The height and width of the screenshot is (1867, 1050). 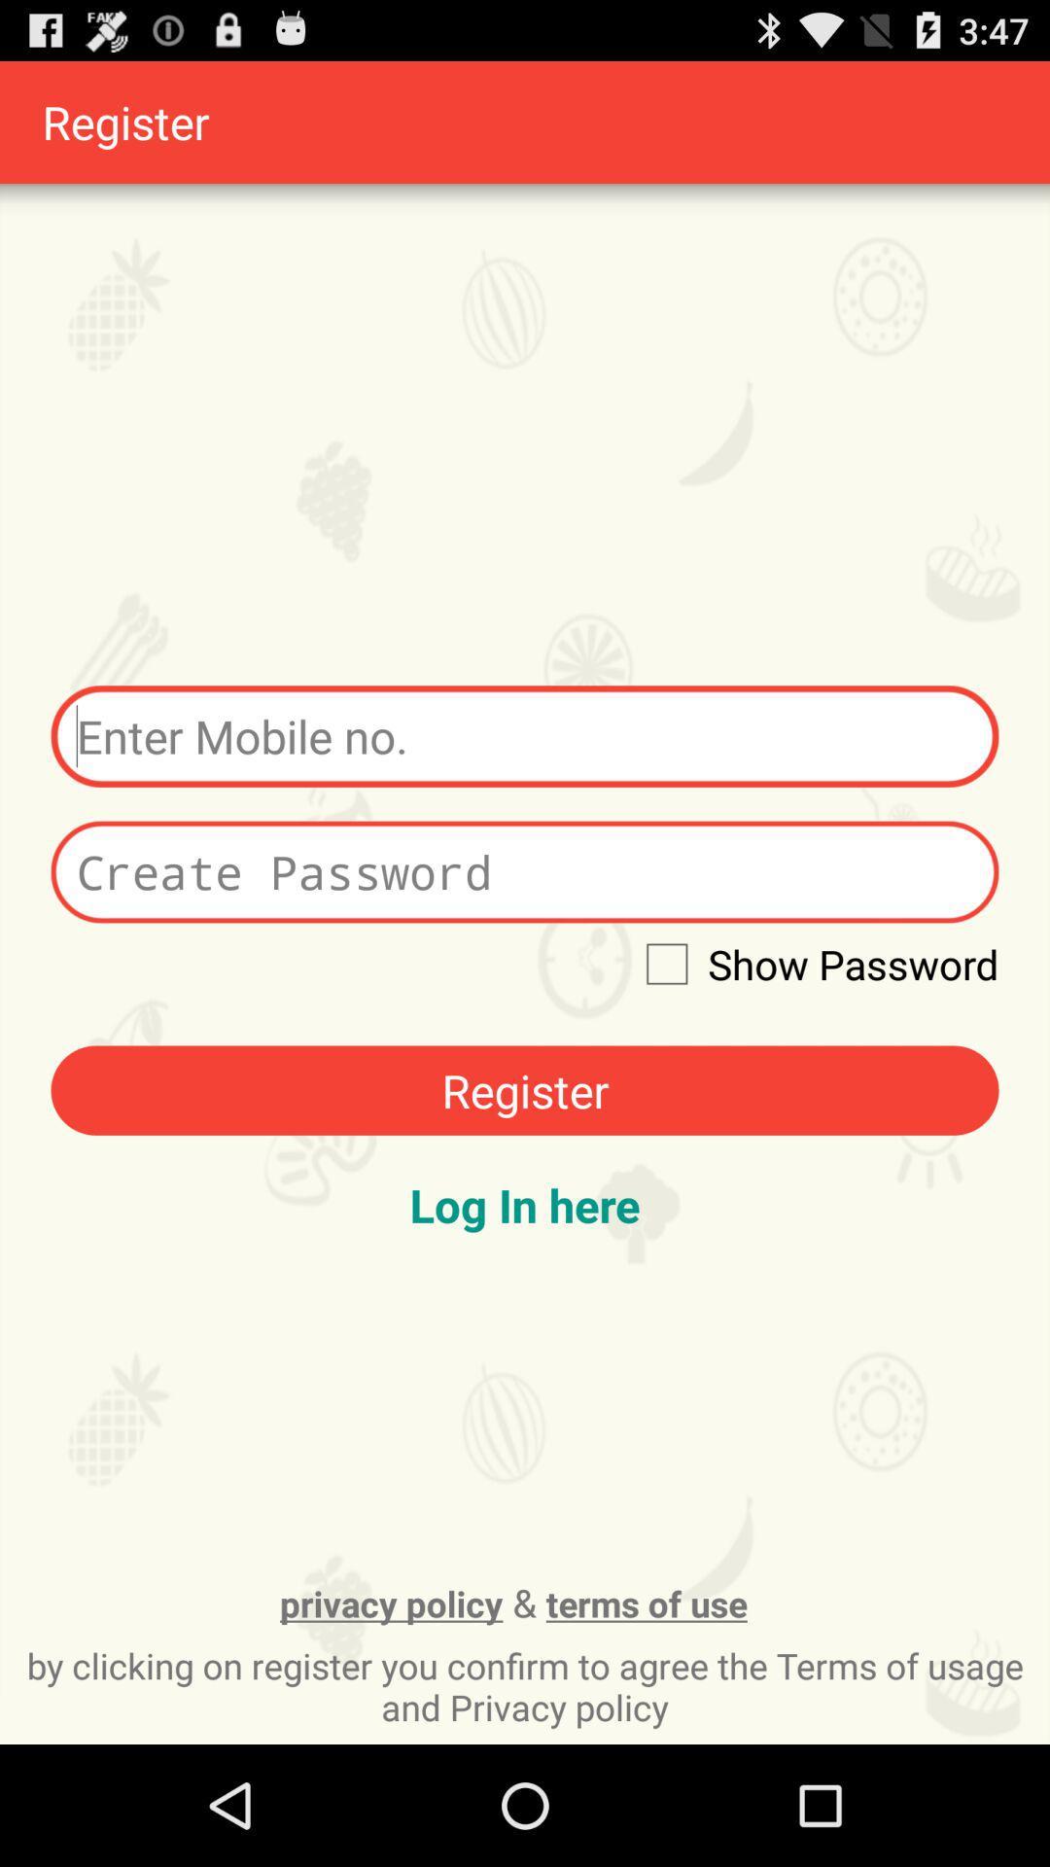 What do you see at coordinates (525, 735) in the screenshot?
I see `box` at bounding box center [525, 735].